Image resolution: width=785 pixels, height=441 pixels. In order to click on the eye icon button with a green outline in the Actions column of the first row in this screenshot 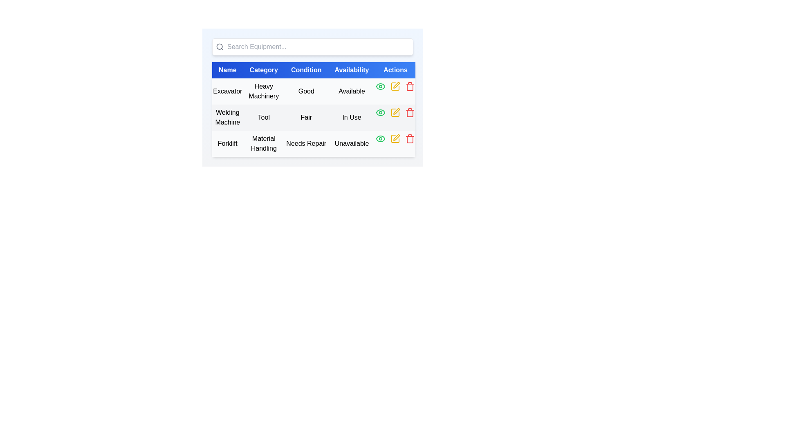, I will do `click(380, 87)`.